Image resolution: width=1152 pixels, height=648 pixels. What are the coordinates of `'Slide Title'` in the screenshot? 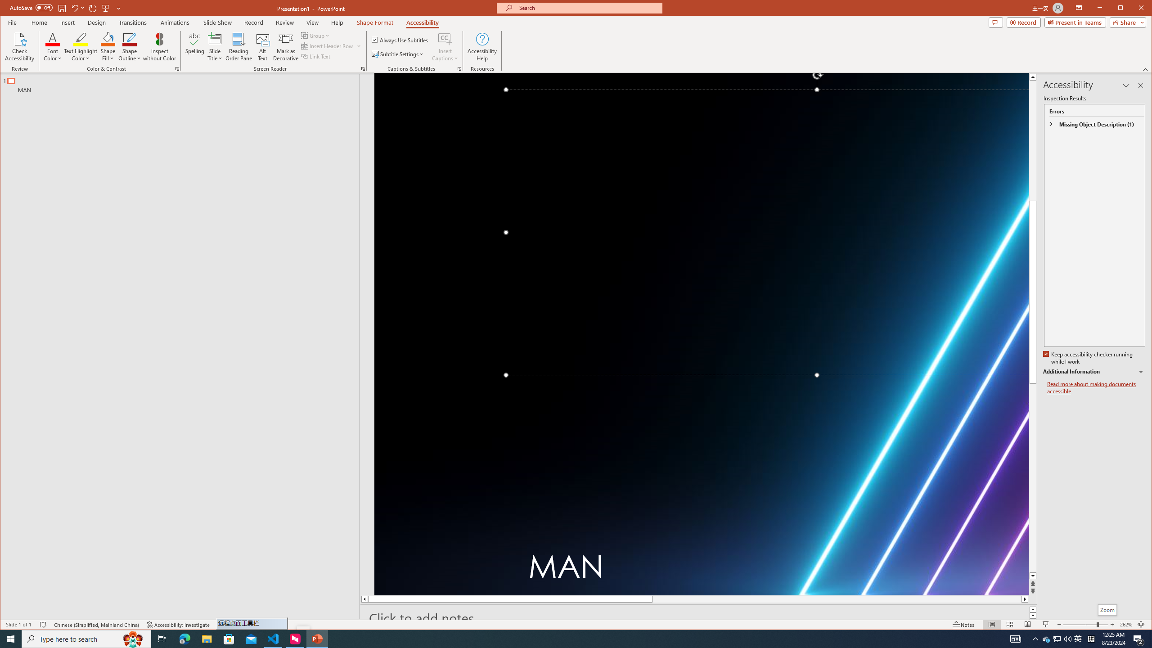 It's located at (215, 38).